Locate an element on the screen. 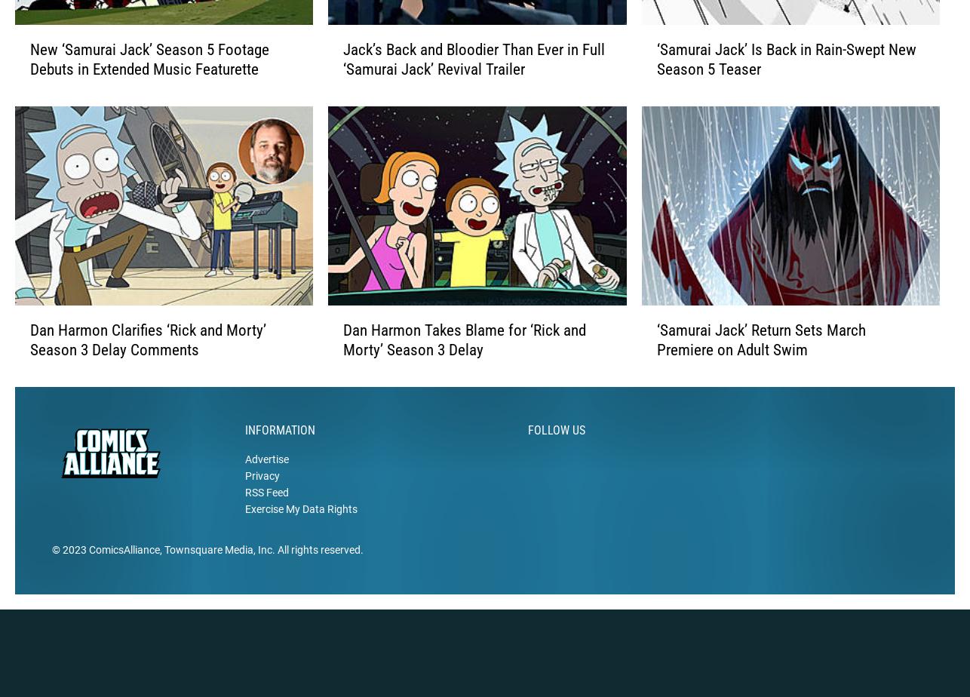  'Jack’s Back and Bloodier Than Ever in Full ‘Samurai Jack’ Revival Trailer' is located at coordinates (473, 83).